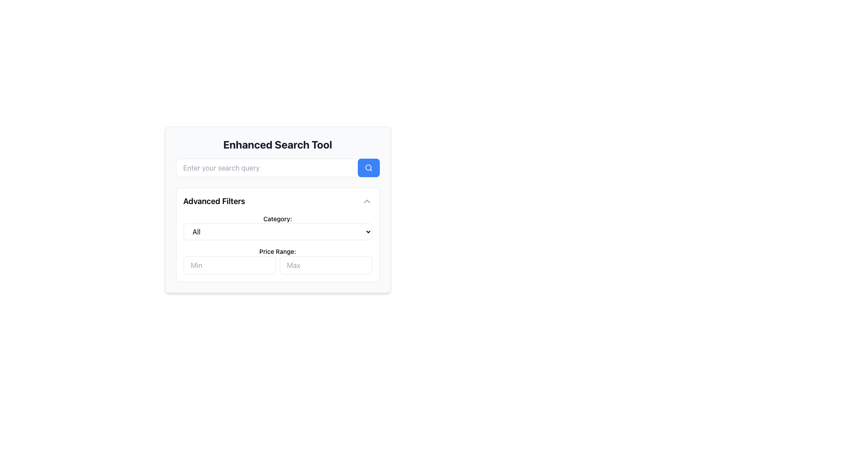 This screenshot has height=476, width=847. What do you see at coordinates (325, 264) in the screenshot?
I see `the Input Field (Number) labeled 'Max' under the 'Price Range' section using the Tab key` at bounding box center [325, 264].